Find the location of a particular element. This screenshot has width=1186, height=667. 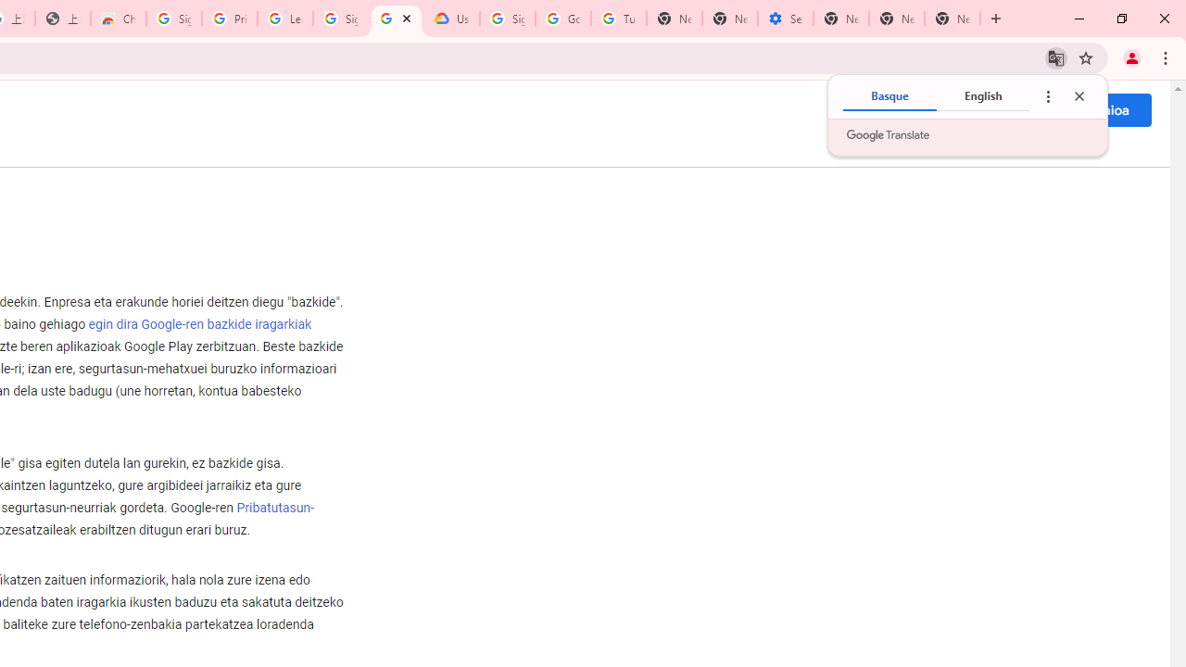

'Turn cookies on or off - Computer - Google Account Help' is located at coordinates (618, 19).